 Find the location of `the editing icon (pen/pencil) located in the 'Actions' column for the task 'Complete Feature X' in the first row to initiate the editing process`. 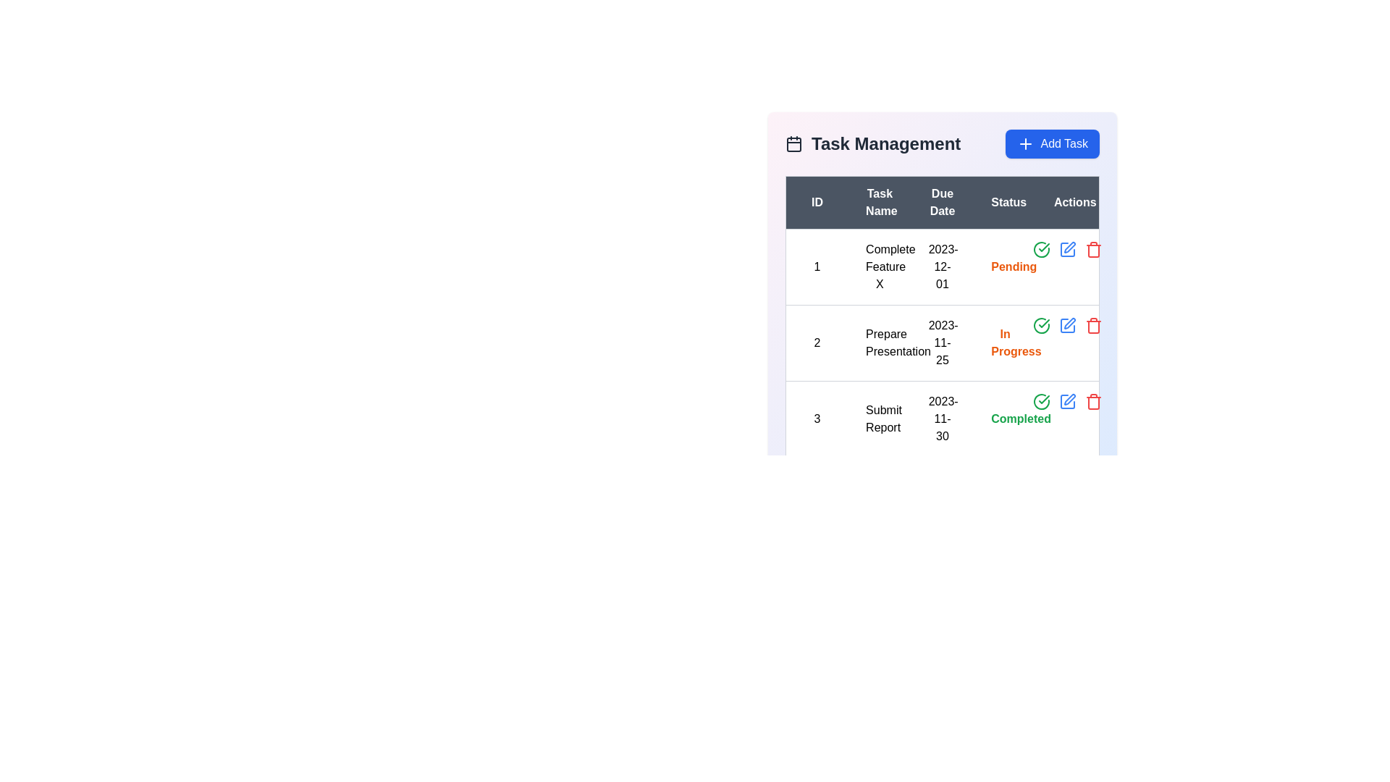

the editing icon (pen/pencil) located in the 'Actions' column for the task 'Complete Feature X' in the first row to initiate the editing process is located at coordinates (1070, 247).